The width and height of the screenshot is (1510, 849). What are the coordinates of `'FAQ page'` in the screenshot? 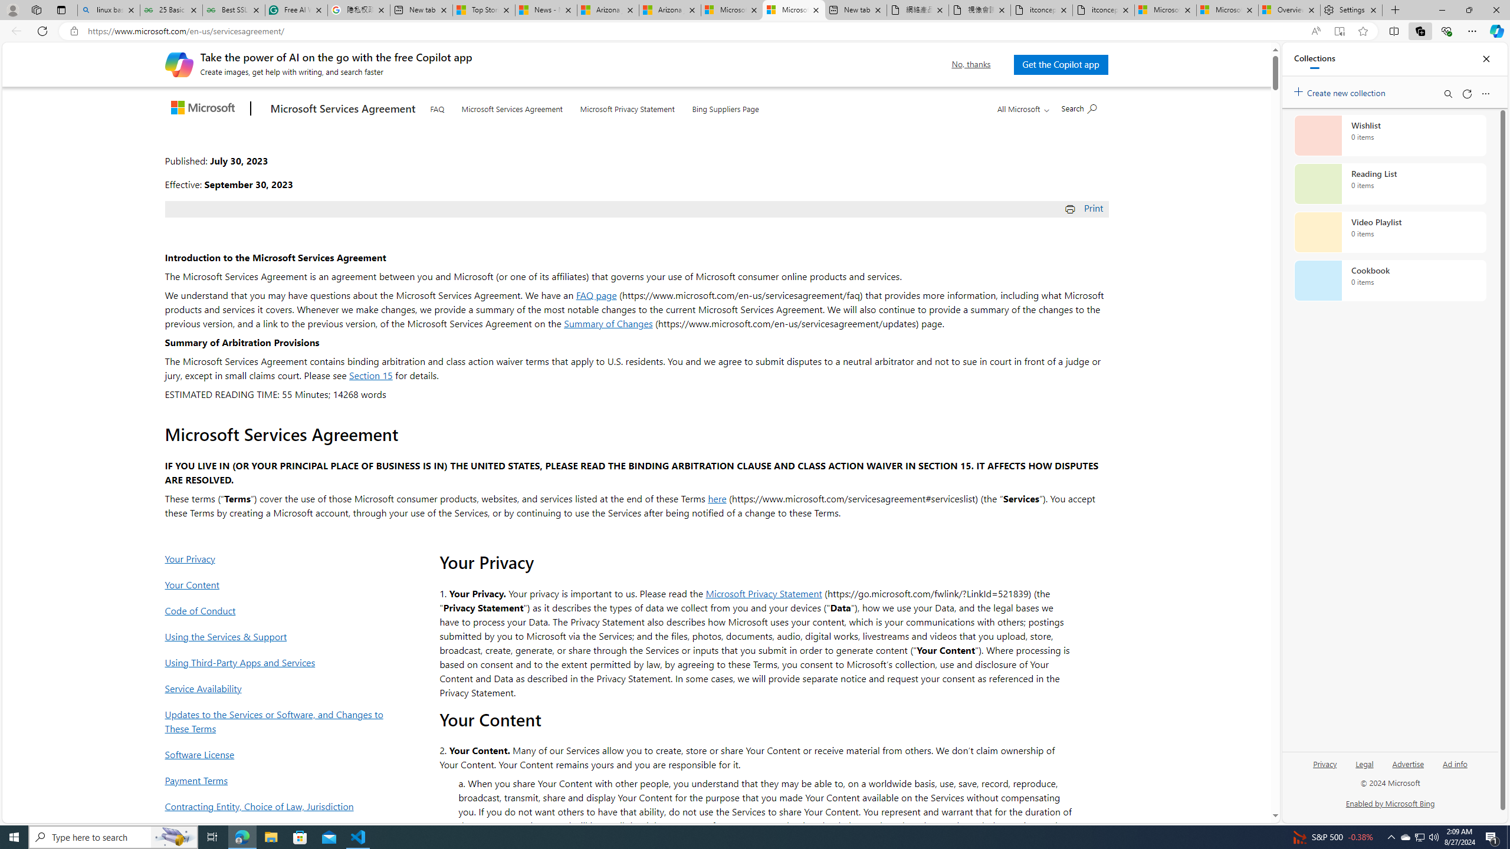 It's located at (596, 294).